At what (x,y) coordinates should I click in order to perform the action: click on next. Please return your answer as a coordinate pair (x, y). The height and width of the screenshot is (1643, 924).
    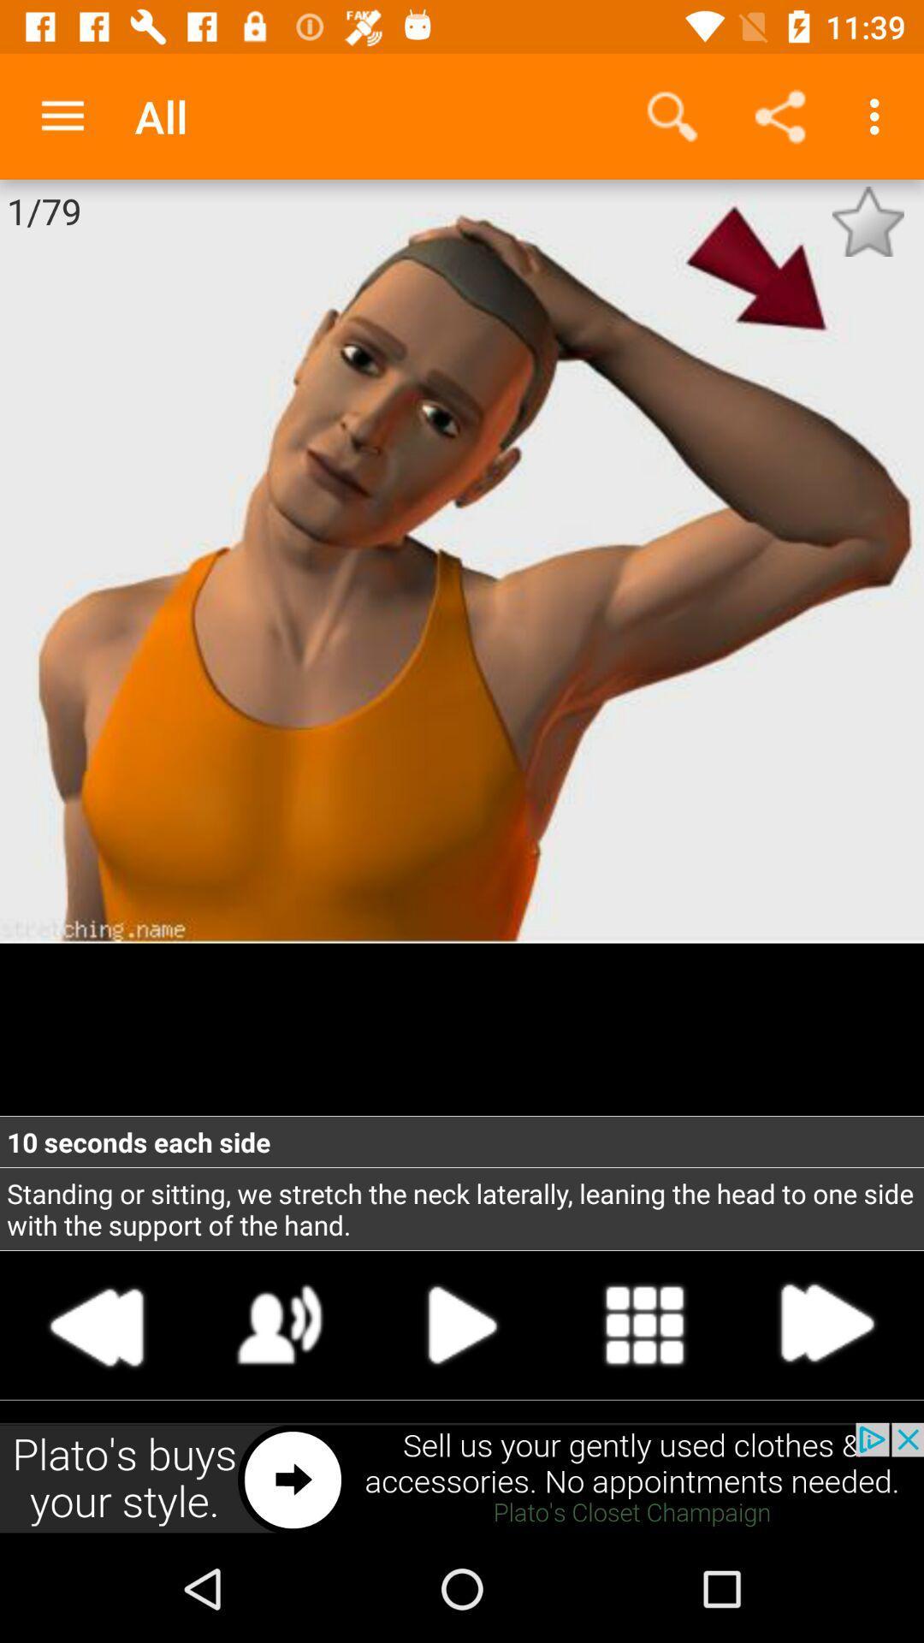
    Looking at the image, I should click on (825, 1324).